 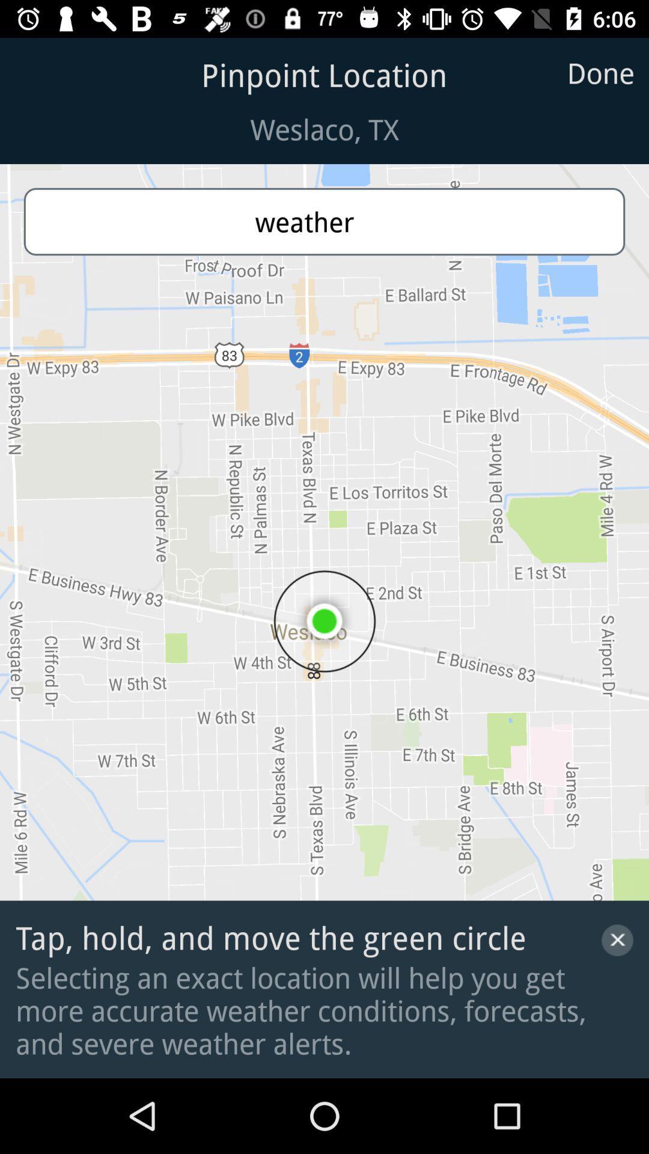 I want to click on the close icon, so click(x=617, y=939).